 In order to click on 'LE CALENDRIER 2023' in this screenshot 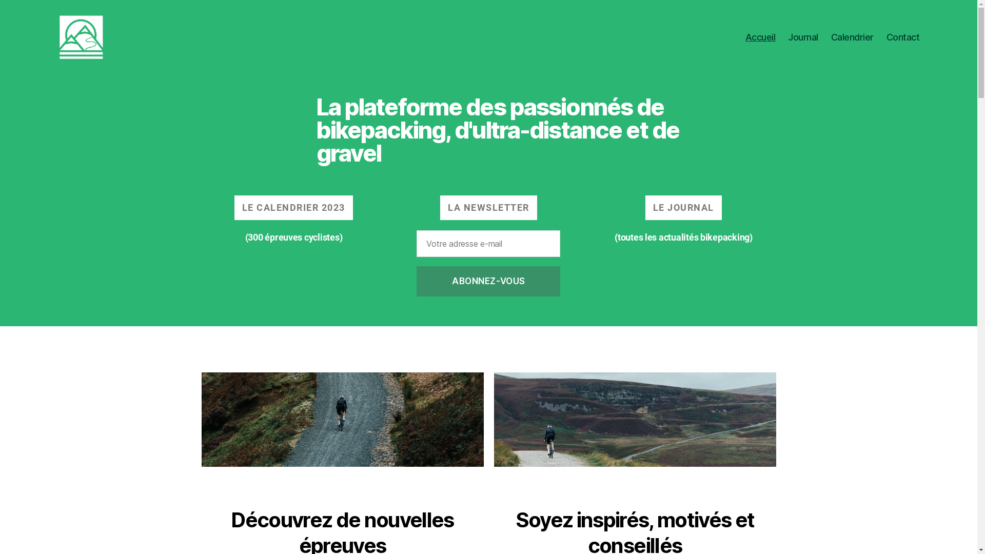, I will do `click(293, 208)`.